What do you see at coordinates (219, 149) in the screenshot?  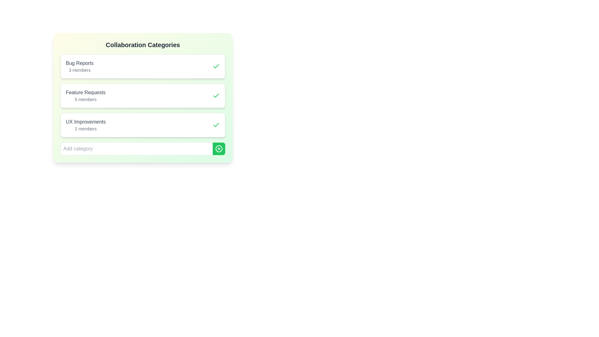 I see `the green plus button to add a new category` at bounding box center [219, 149].